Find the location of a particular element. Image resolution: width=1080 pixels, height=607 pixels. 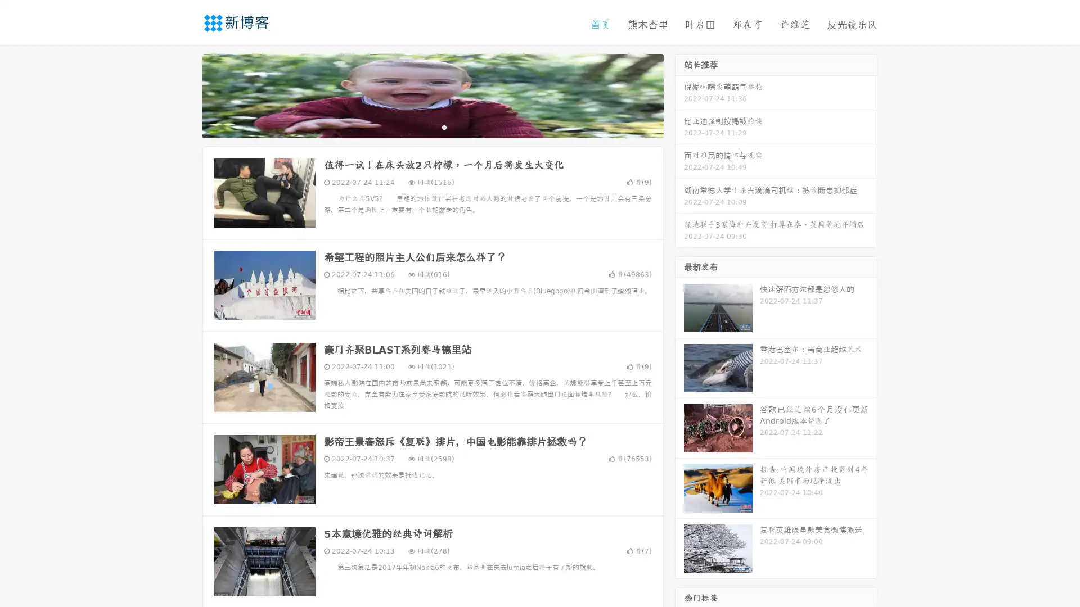

Go to slide 1 is located at coordinates (421, 126).